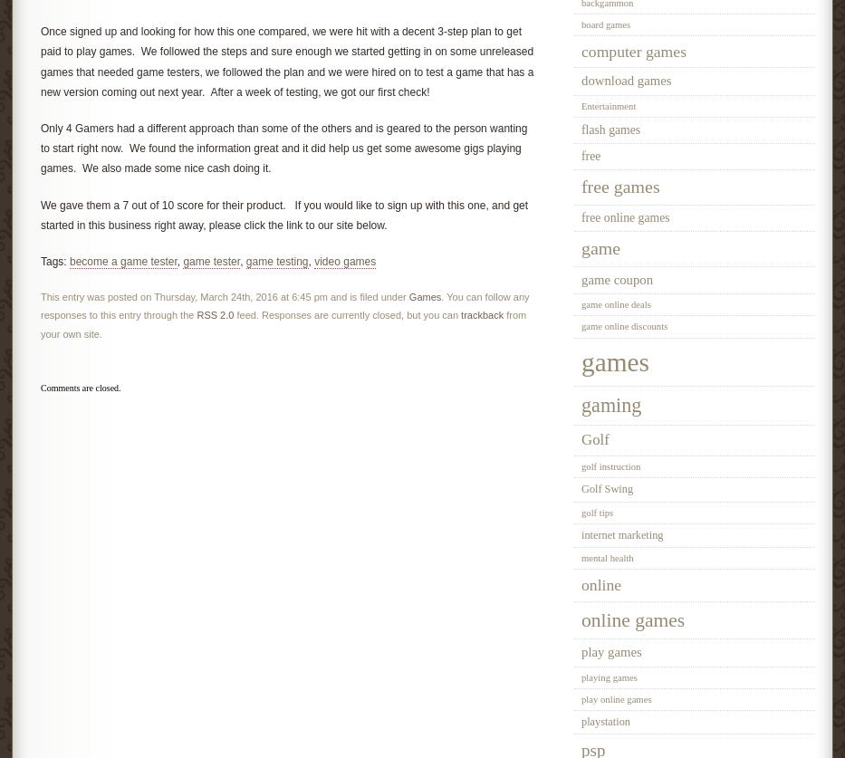  I want to click on 'mental health', so click(580, 558).